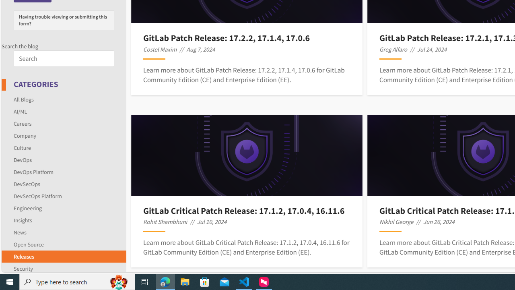  Describe the element at coordinates (393, 49) in the screenshot. I see `'Greg Alfaro'` at that location.